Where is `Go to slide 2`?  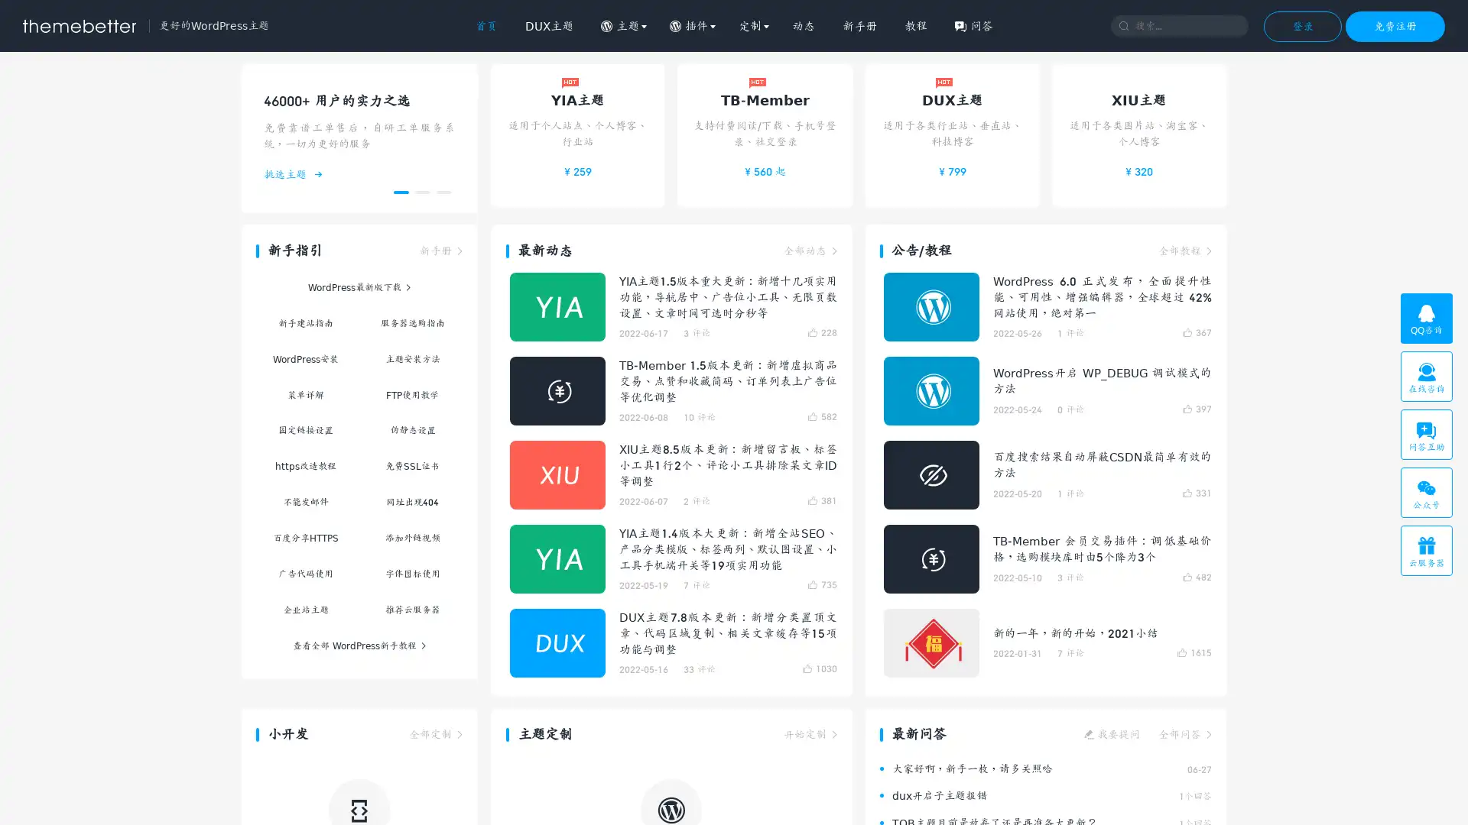
Go to slide 2 is located at coordinates (422, 191).